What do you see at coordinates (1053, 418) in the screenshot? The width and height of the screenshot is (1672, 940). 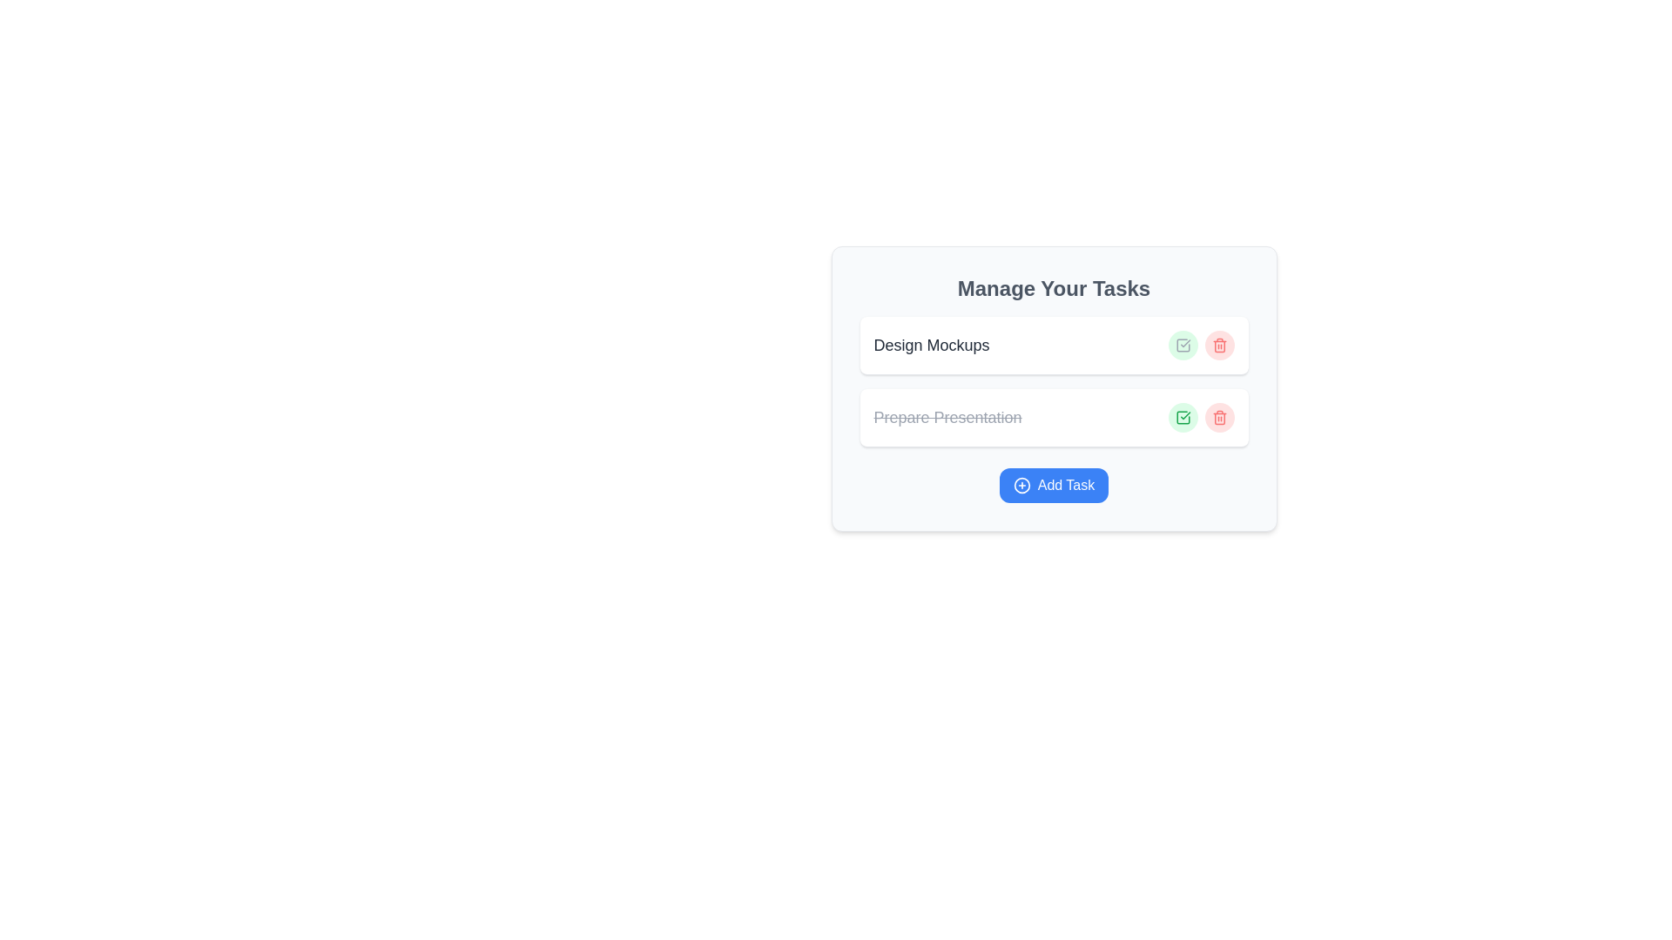 I see `the check button associated with the completed task entry in the task list to mark it as incomplete` at bounding box center [1053, 418].